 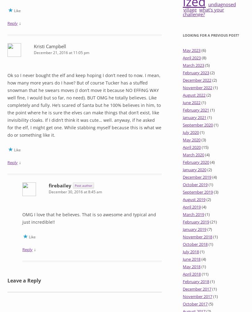 I want to click on 'Post author', so click(x=75, y=185).